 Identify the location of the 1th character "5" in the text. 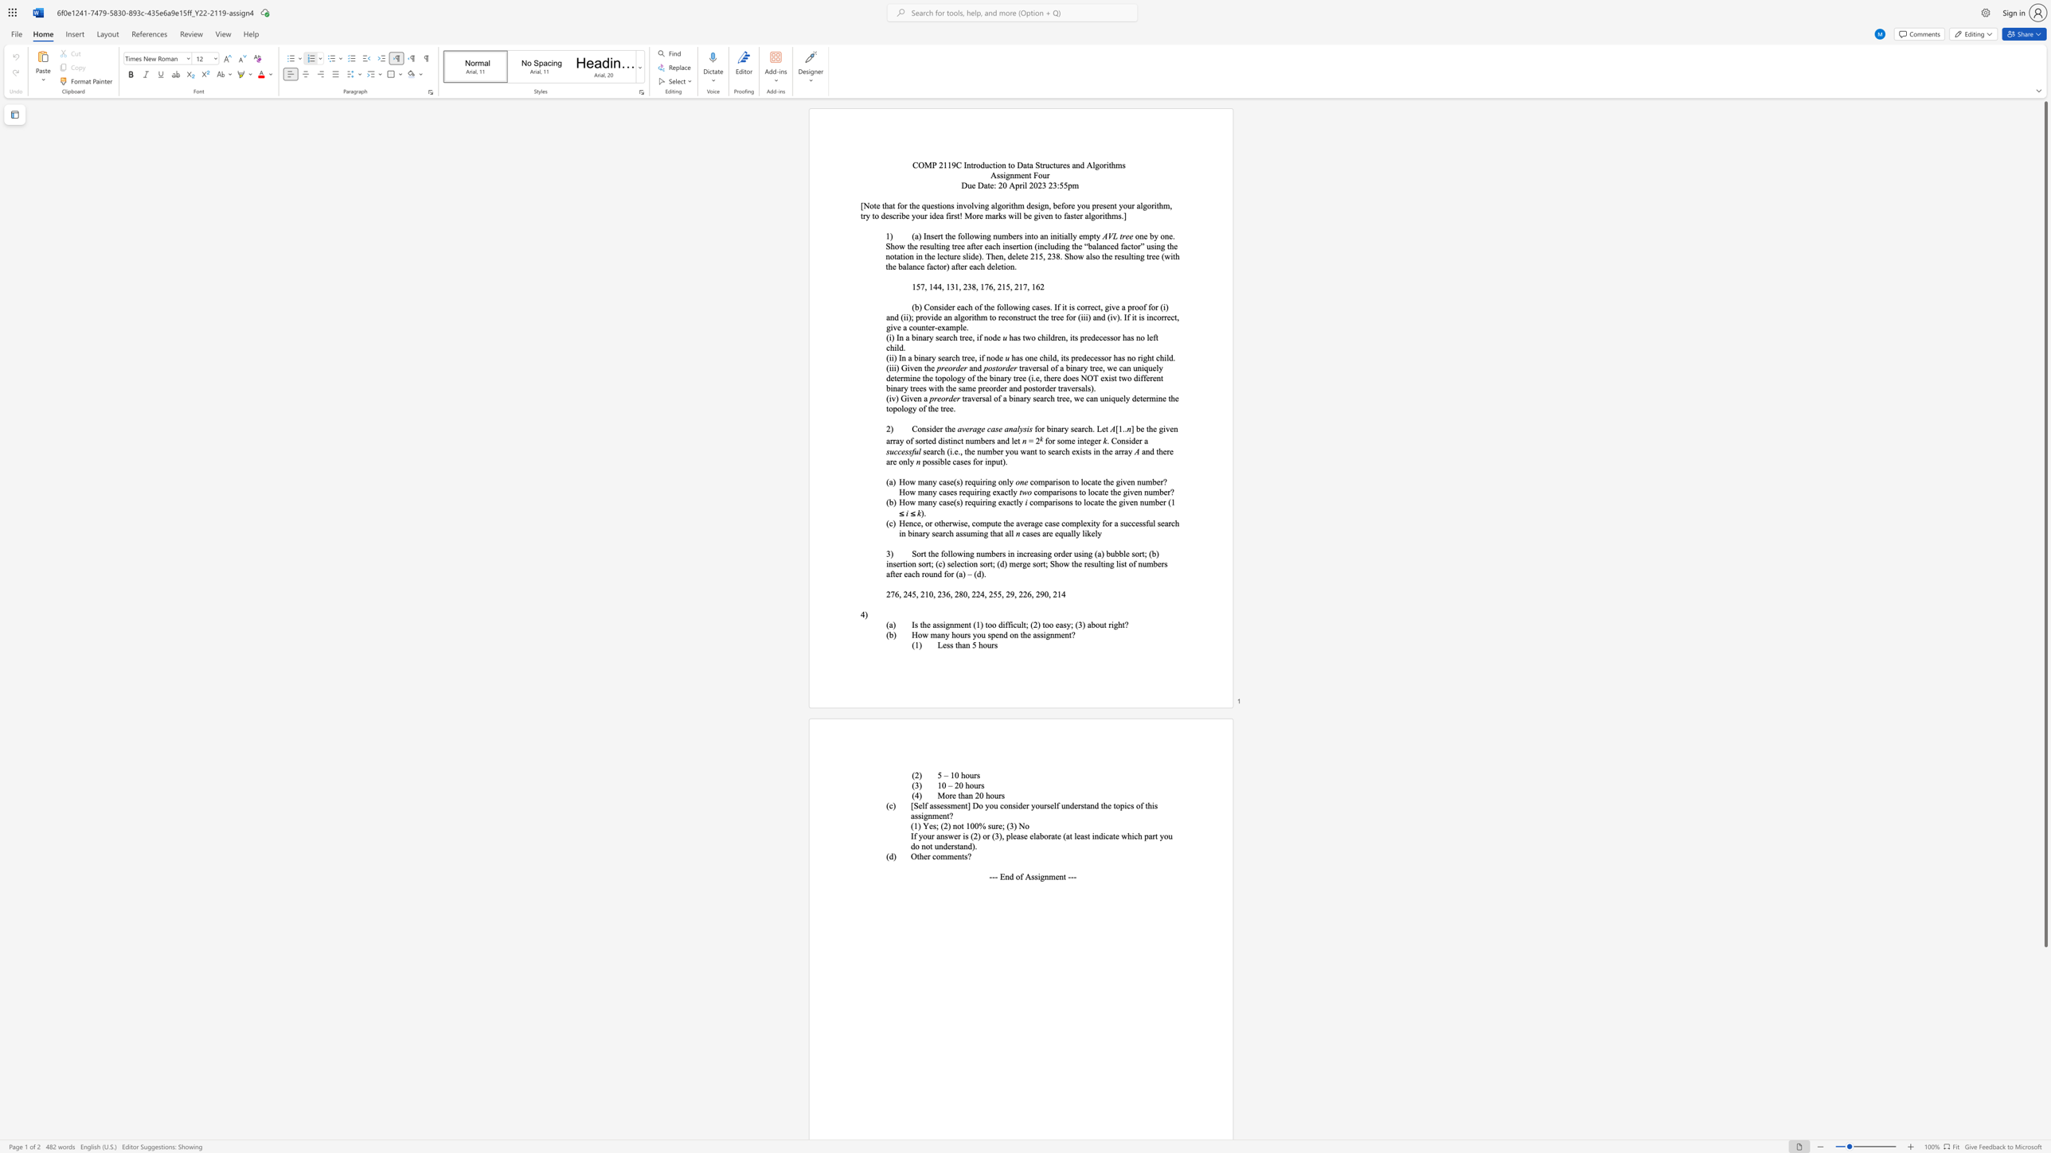
(974, 645).